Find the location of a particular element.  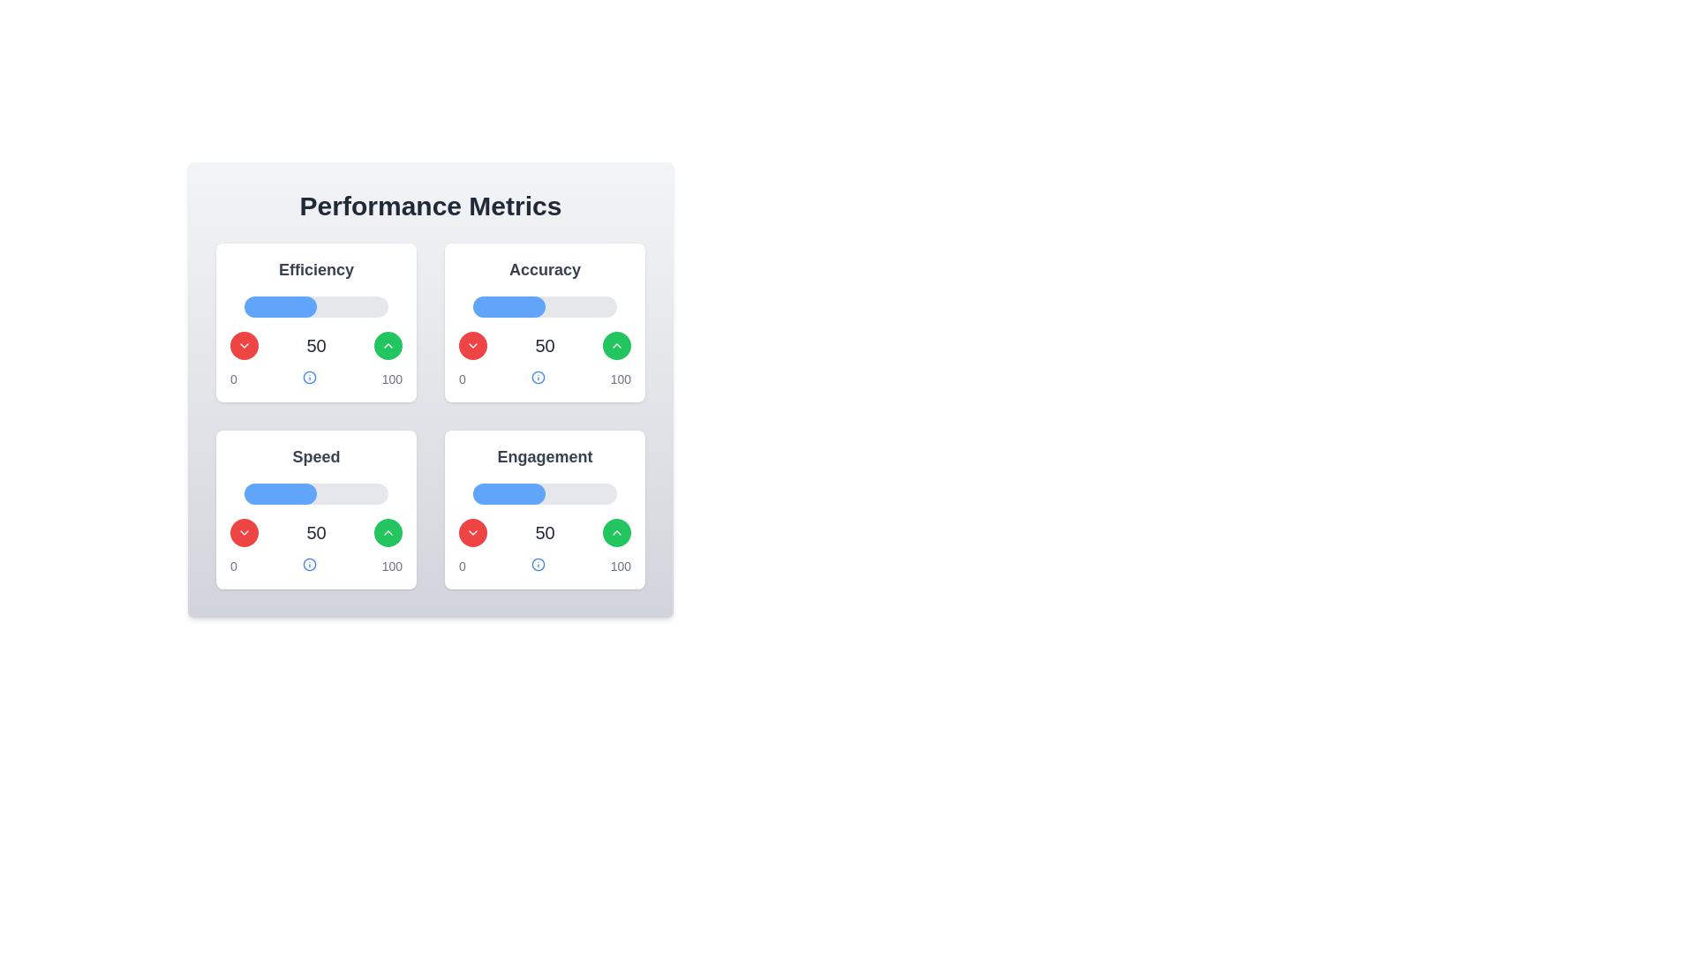

the chevron icon located in the bottom-left corner of the 'Engagement' card, next to the number '50' is located at coordinates (473, 532).